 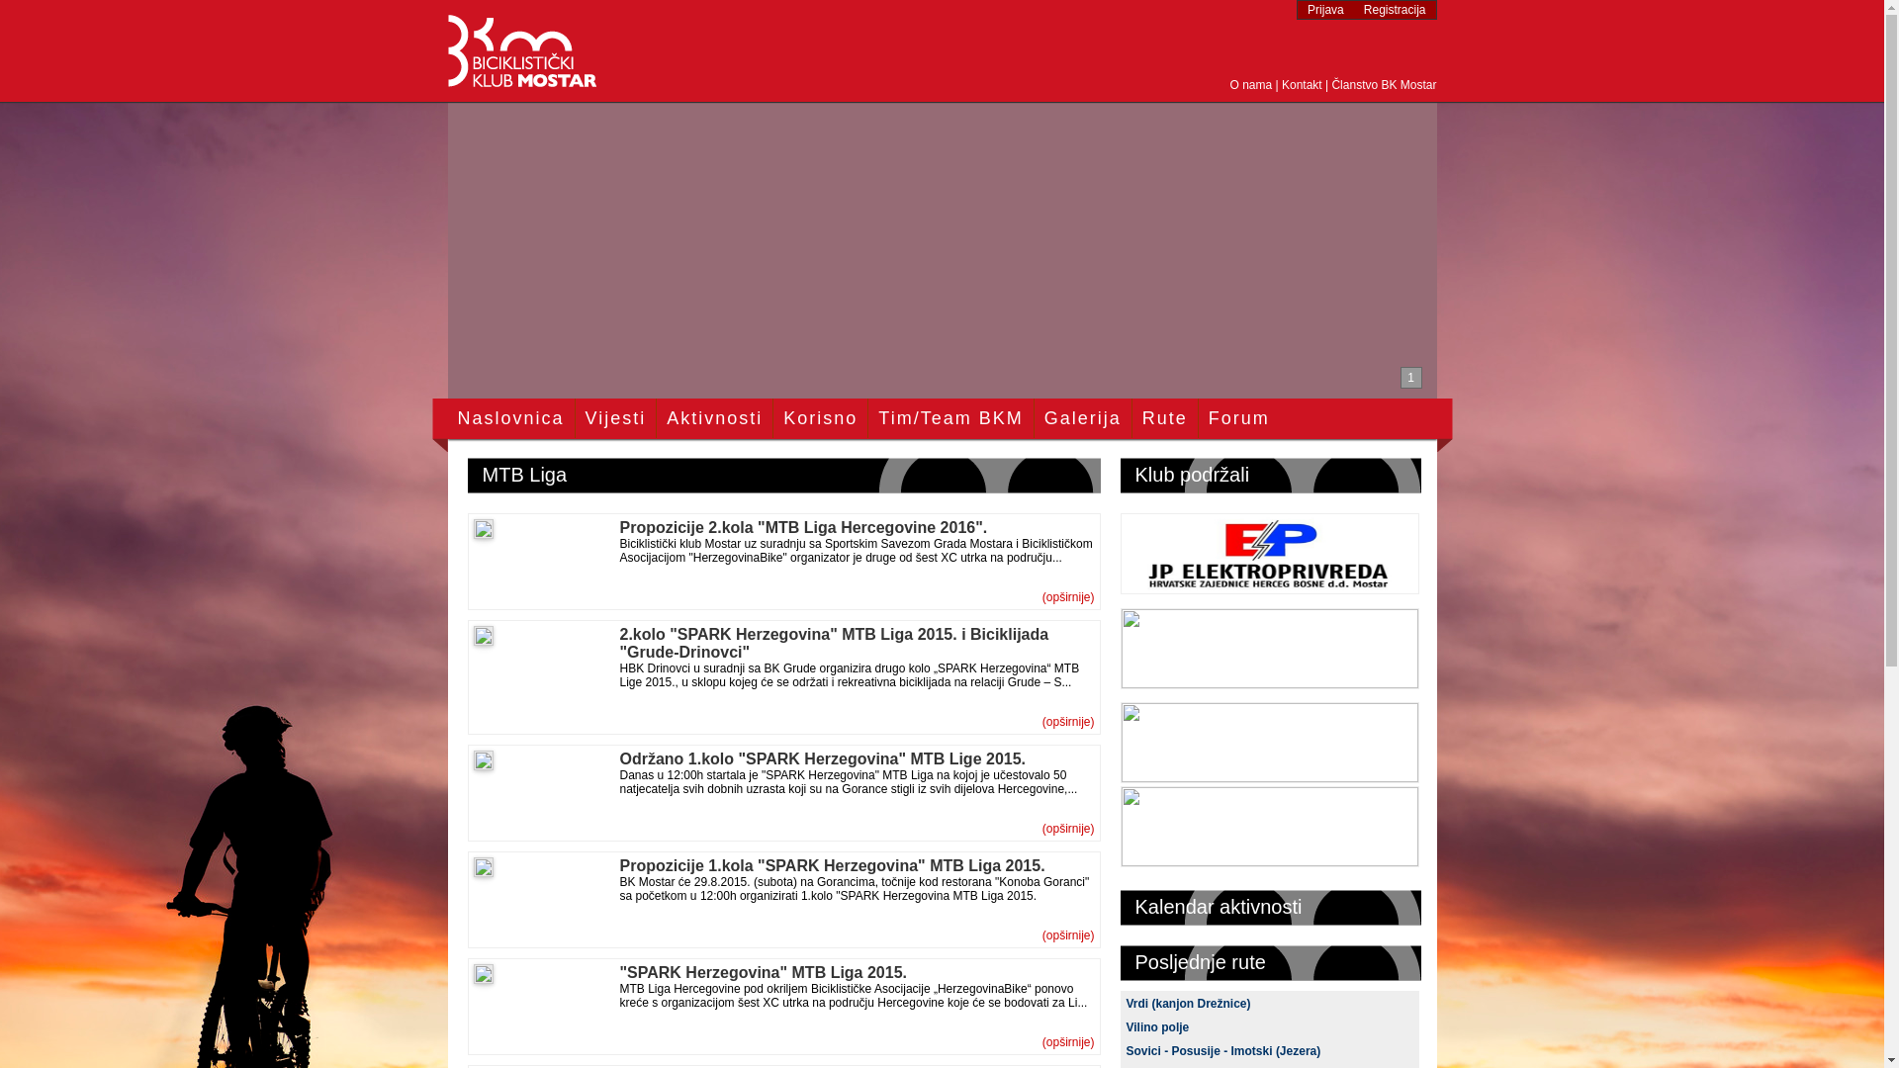 What do you see at coordinates (1268, 775) in the screenshot?
I see `'Konoba Goranci'` at bounding box center [1268, 775].